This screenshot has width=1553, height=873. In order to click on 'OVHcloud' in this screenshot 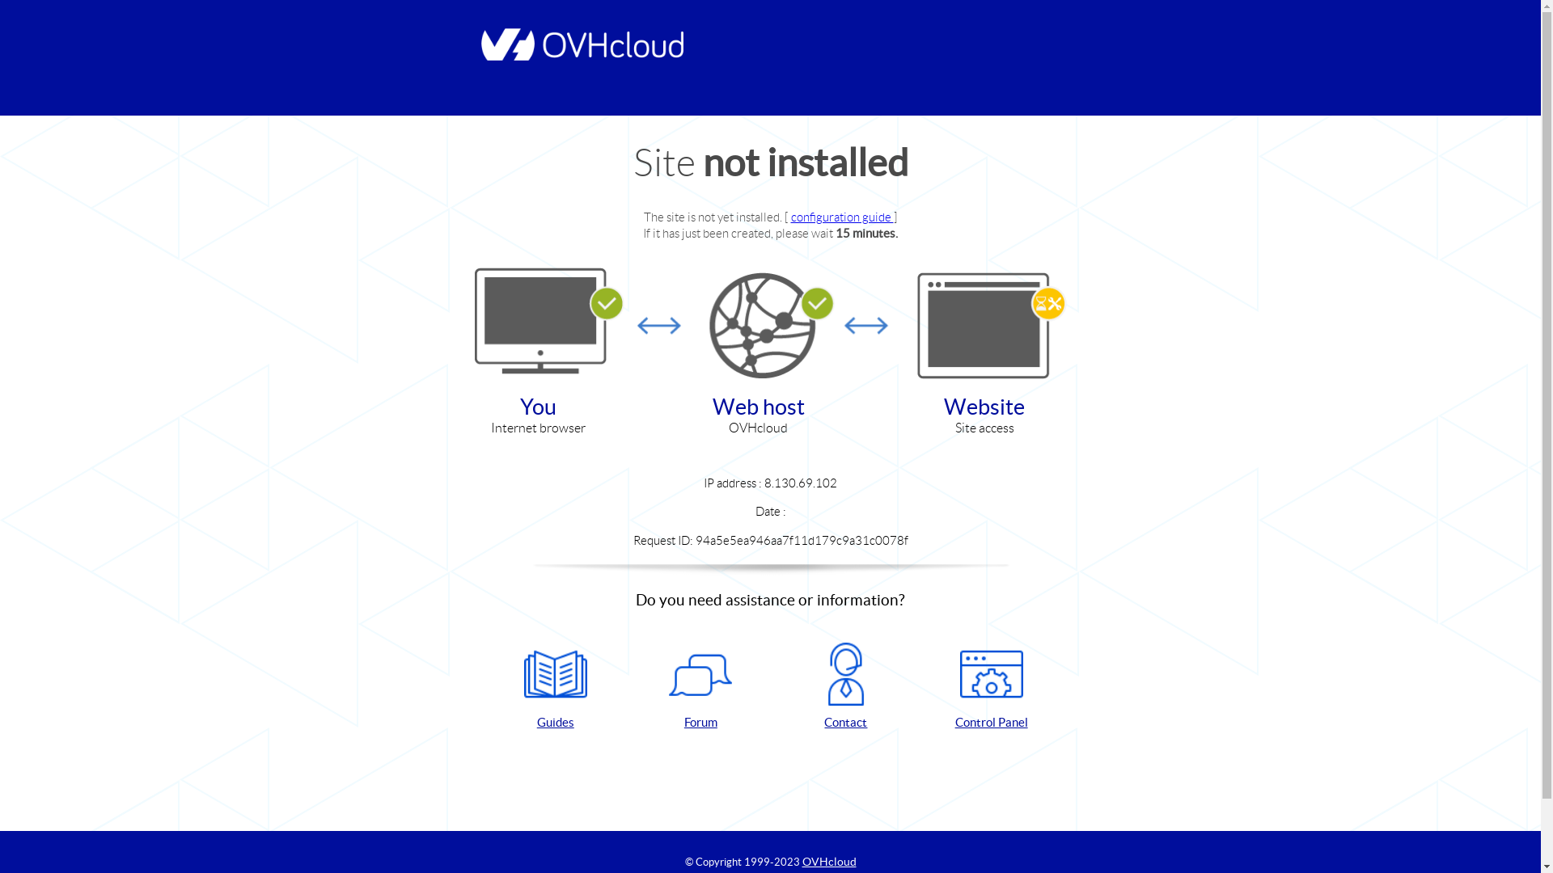, I will do `click(829, 860)`.